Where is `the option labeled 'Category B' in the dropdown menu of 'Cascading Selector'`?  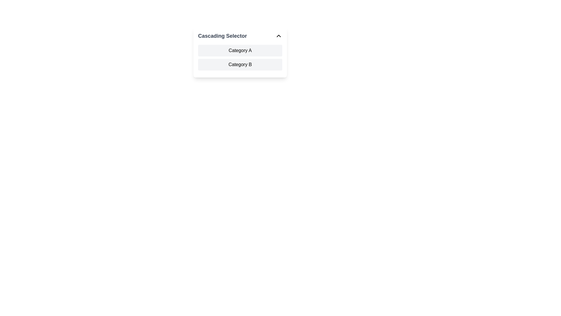 the option labeled 'Category B' in the dropdown menu of 'Cascading Selector' is located at coordinates (240, 64).